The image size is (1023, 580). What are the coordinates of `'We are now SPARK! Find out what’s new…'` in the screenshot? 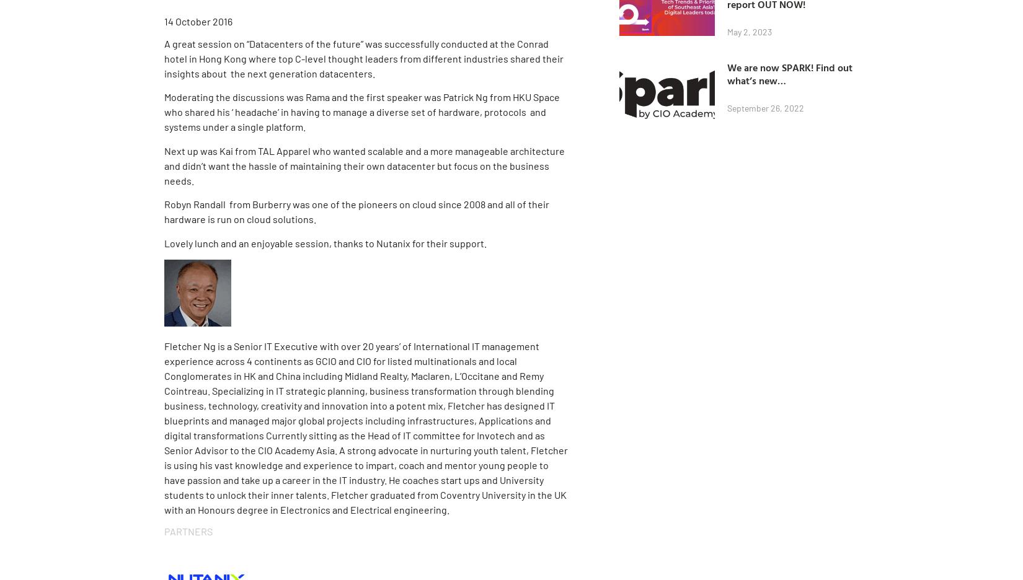 It's located at (789, 74).